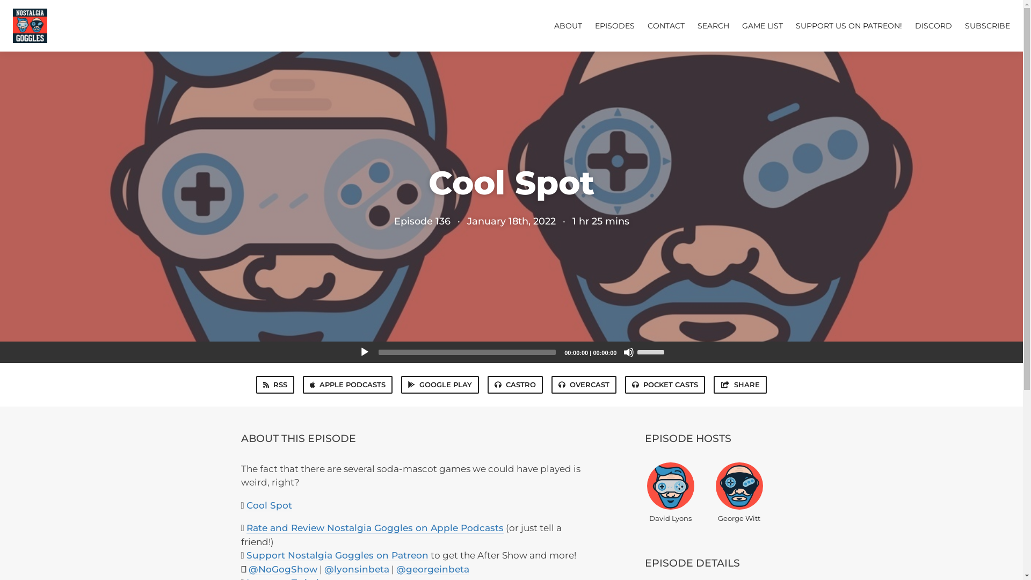 The image size is (1031, 580). Describe the element at coordinates (246, 505) in the screenshot. I see `'Cool Spot'` at that location.